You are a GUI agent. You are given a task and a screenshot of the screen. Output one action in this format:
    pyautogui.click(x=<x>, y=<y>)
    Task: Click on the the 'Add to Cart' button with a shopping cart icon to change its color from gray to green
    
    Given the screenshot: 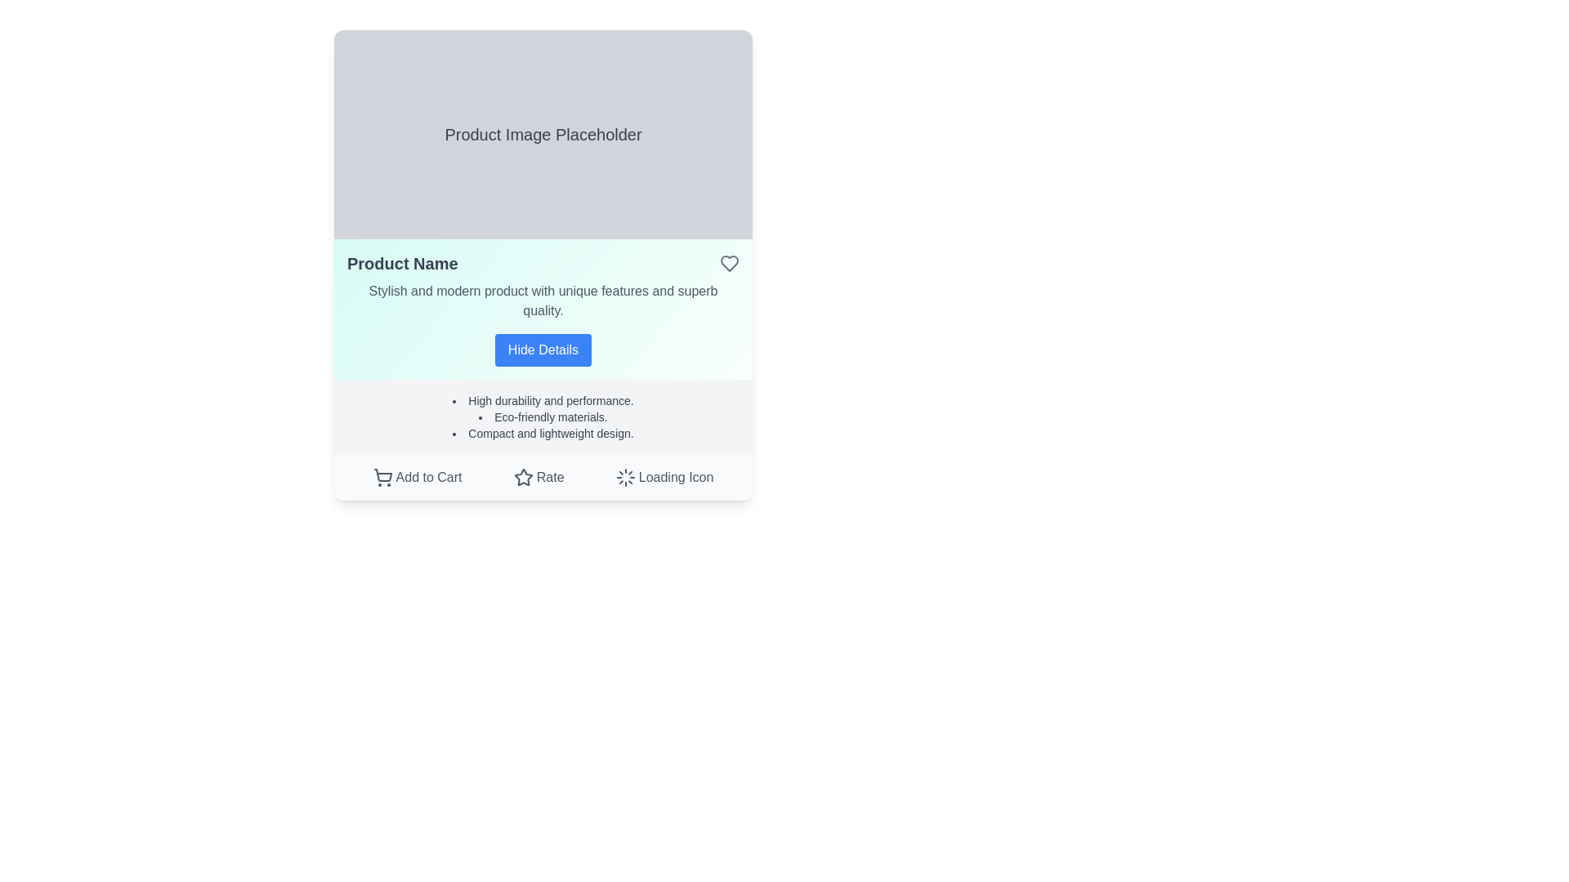 What is the action you would take?
    pyautogui.click(x=418, y=478)
    